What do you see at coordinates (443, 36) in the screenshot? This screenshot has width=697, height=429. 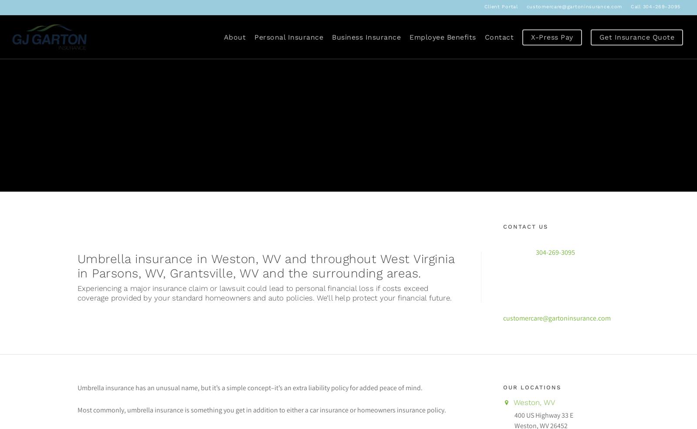 I see `'Employee Benefits'` at bounding box center [443, 36].